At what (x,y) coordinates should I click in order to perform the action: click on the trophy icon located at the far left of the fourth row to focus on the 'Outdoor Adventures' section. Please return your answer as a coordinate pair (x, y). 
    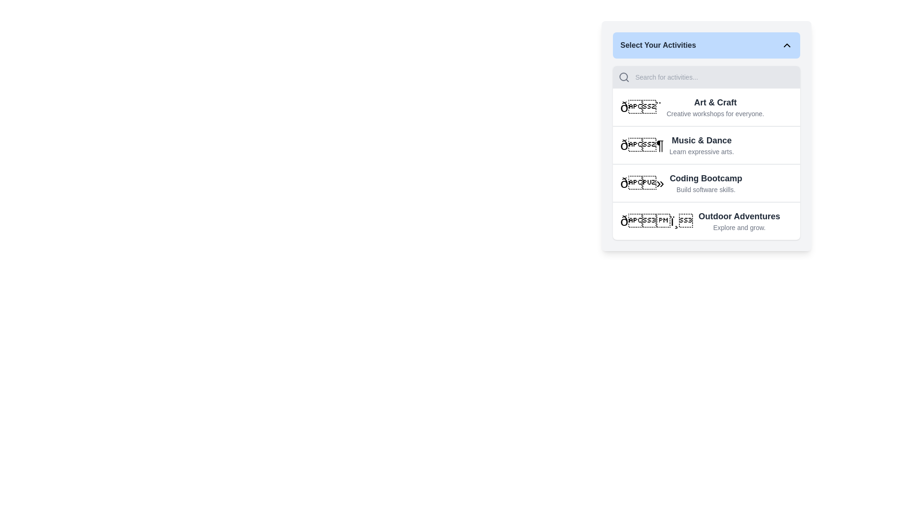
    Looking at the image, I should click on (656, 221).